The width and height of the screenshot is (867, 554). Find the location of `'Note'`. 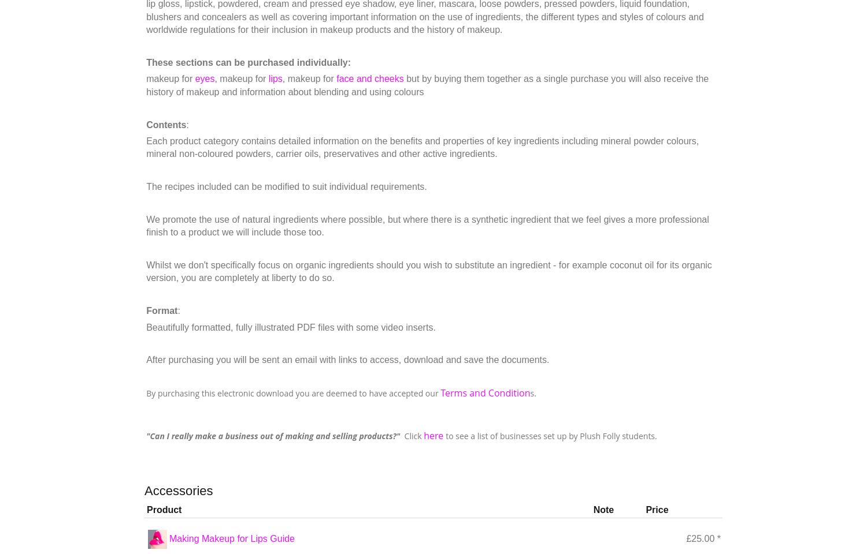

'Note' is located at coordinates (603, 508).